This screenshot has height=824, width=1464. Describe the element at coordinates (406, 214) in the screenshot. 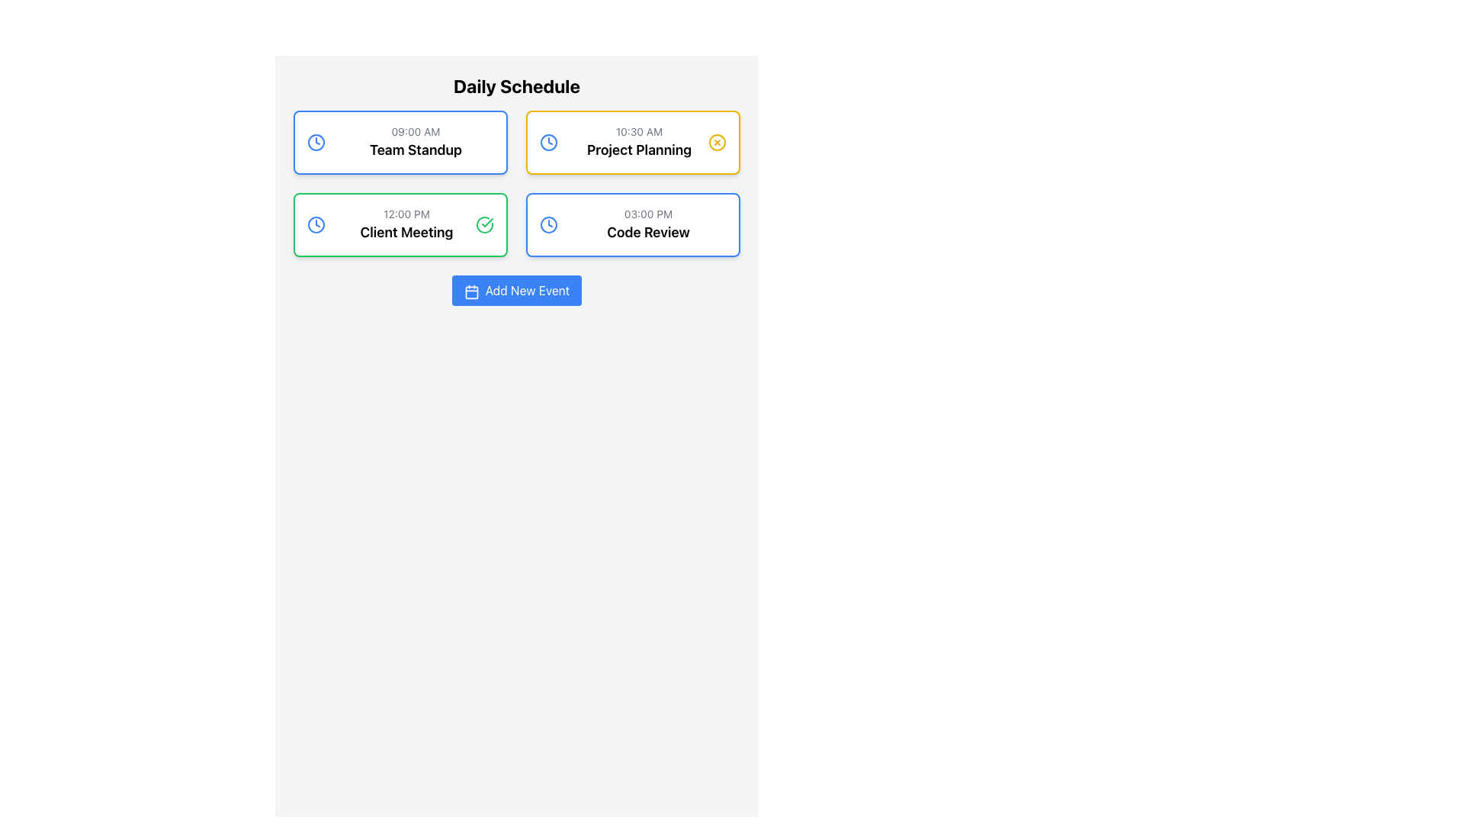

I see `displayed time from the static text label showing '12:00 PM' in gray color, located within the green-bordered box titled 'Client Meeting' under the 'Daily Schedule' section` at that location.